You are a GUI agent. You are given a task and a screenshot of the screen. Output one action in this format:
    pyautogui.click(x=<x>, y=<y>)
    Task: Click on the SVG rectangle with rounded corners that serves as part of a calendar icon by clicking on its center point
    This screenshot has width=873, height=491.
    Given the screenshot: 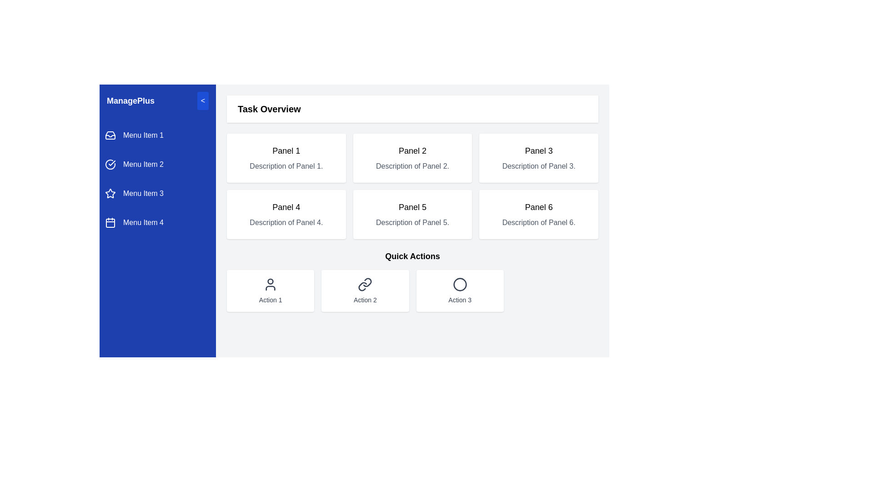 What is the action you would take?
    pyautogui.click(x=110, y=223)
    